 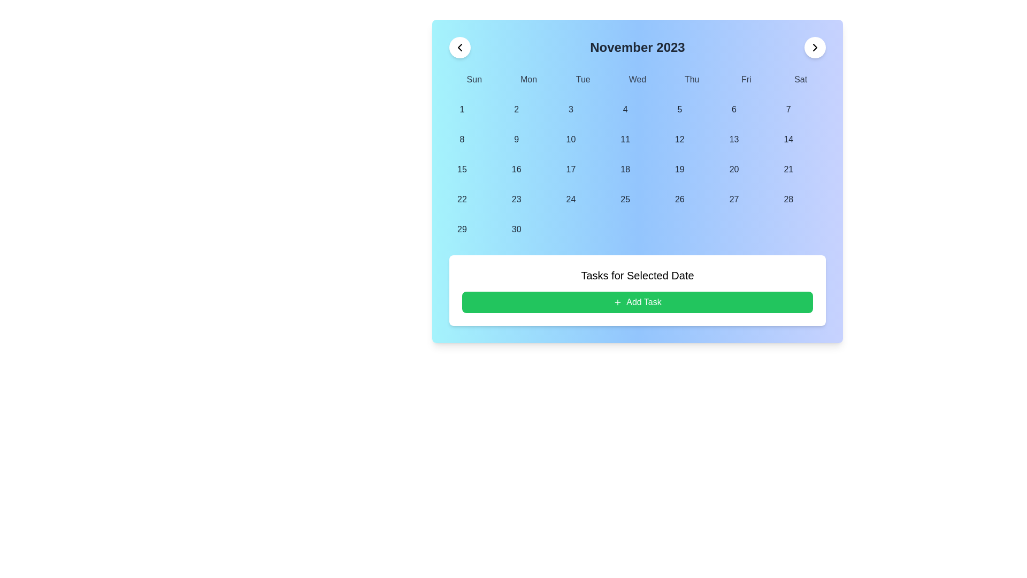 What do you see at coordinates (643, 302) in the screenshot?
I see `'Add Task' button, which is a text label centered within a green rectangular button in the 'Tasks for Selected Date' panel` at bounding box center [643, 302].